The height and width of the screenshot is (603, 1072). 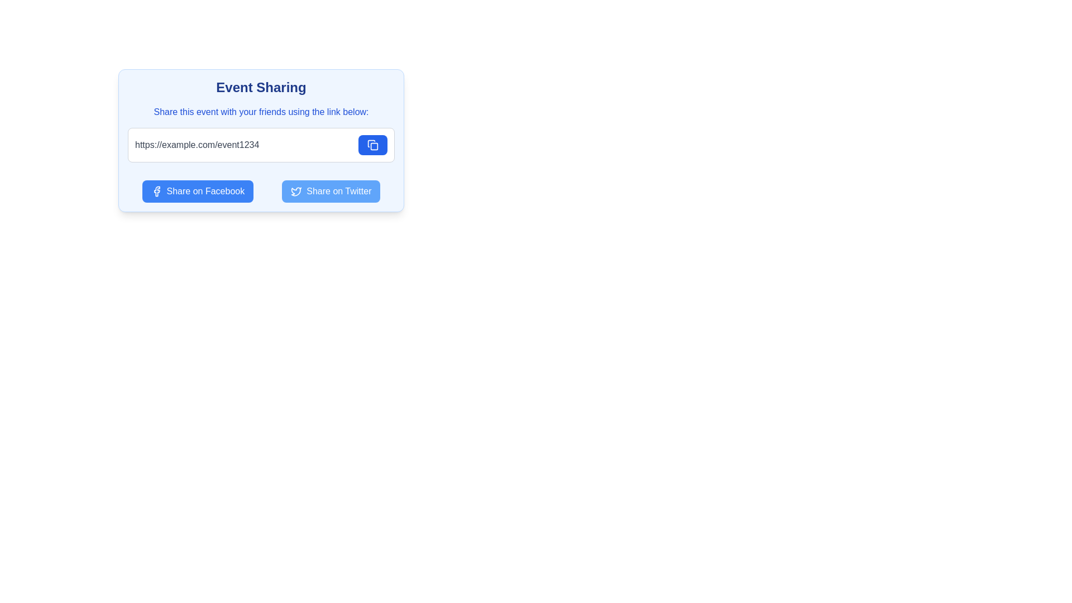 What do you see at coordinates (296, 191) in the screenshot?
I see `the Twitter sharing icon located within the 'Share on Twitter' button at the bottom-right section of the sharing interface` at bounding box center [296, 191].